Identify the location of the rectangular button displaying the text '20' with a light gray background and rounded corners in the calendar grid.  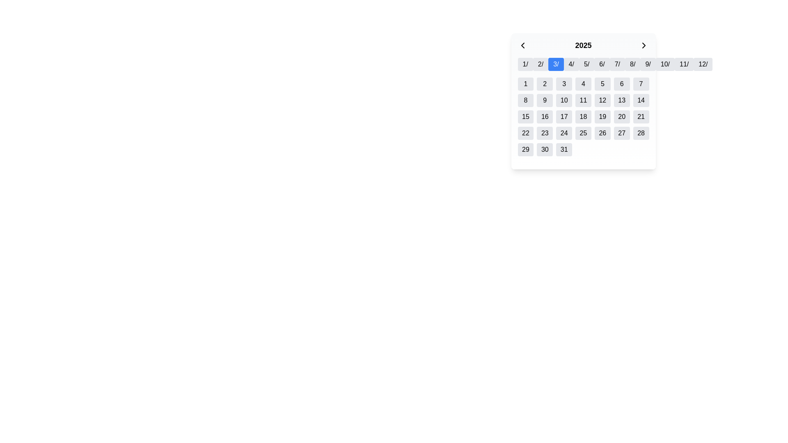
(622, 117).